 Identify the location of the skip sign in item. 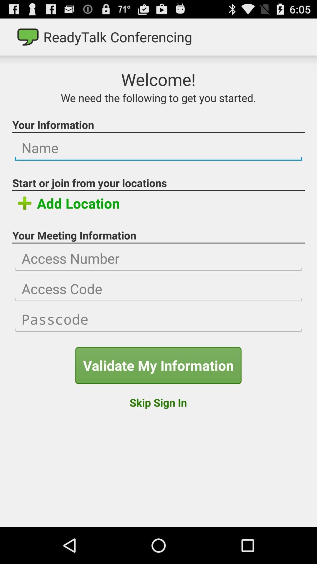
(158, 402).